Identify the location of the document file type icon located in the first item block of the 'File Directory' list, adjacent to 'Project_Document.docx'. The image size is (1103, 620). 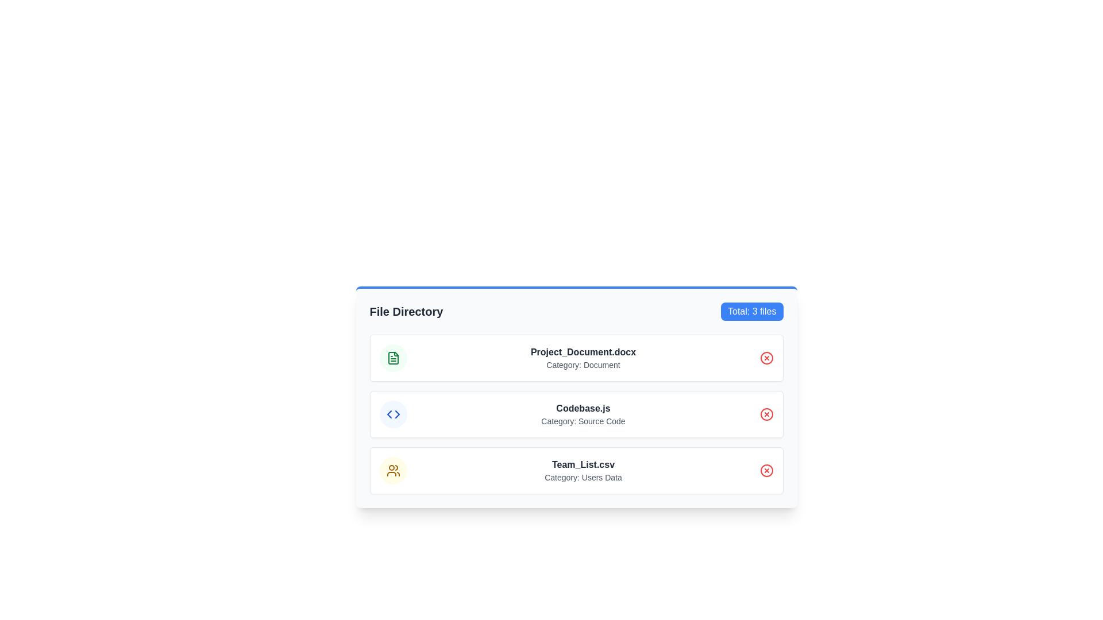
(393, 358).